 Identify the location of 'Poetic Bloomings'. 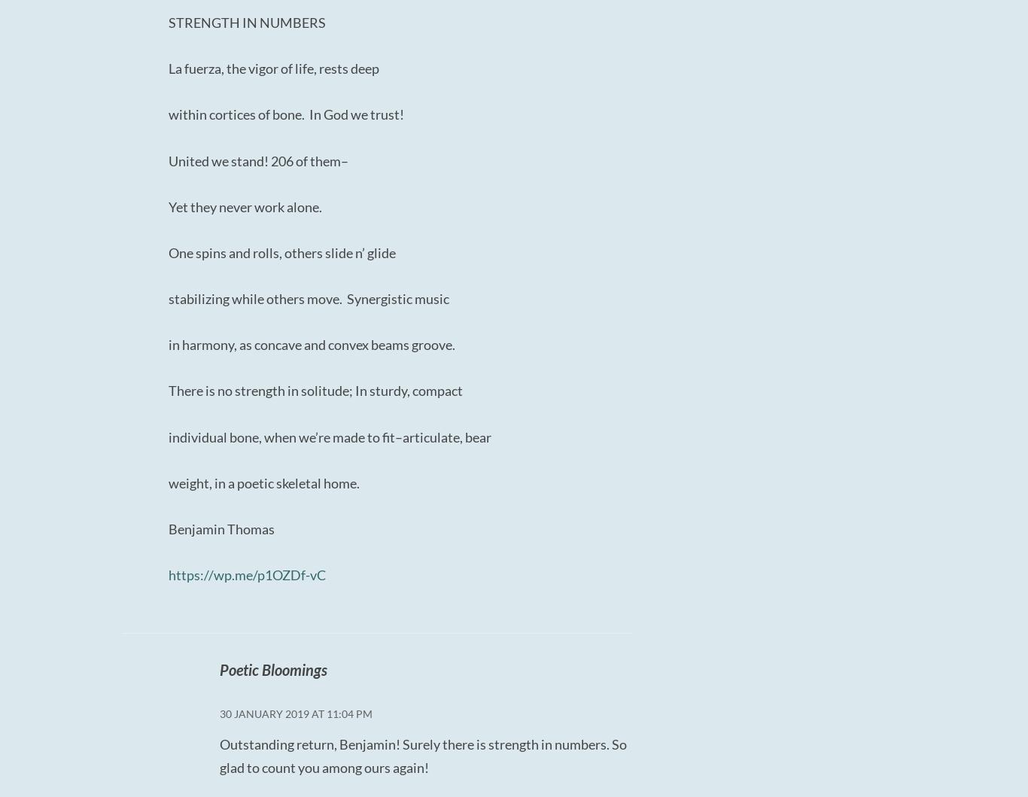
(272, 669).